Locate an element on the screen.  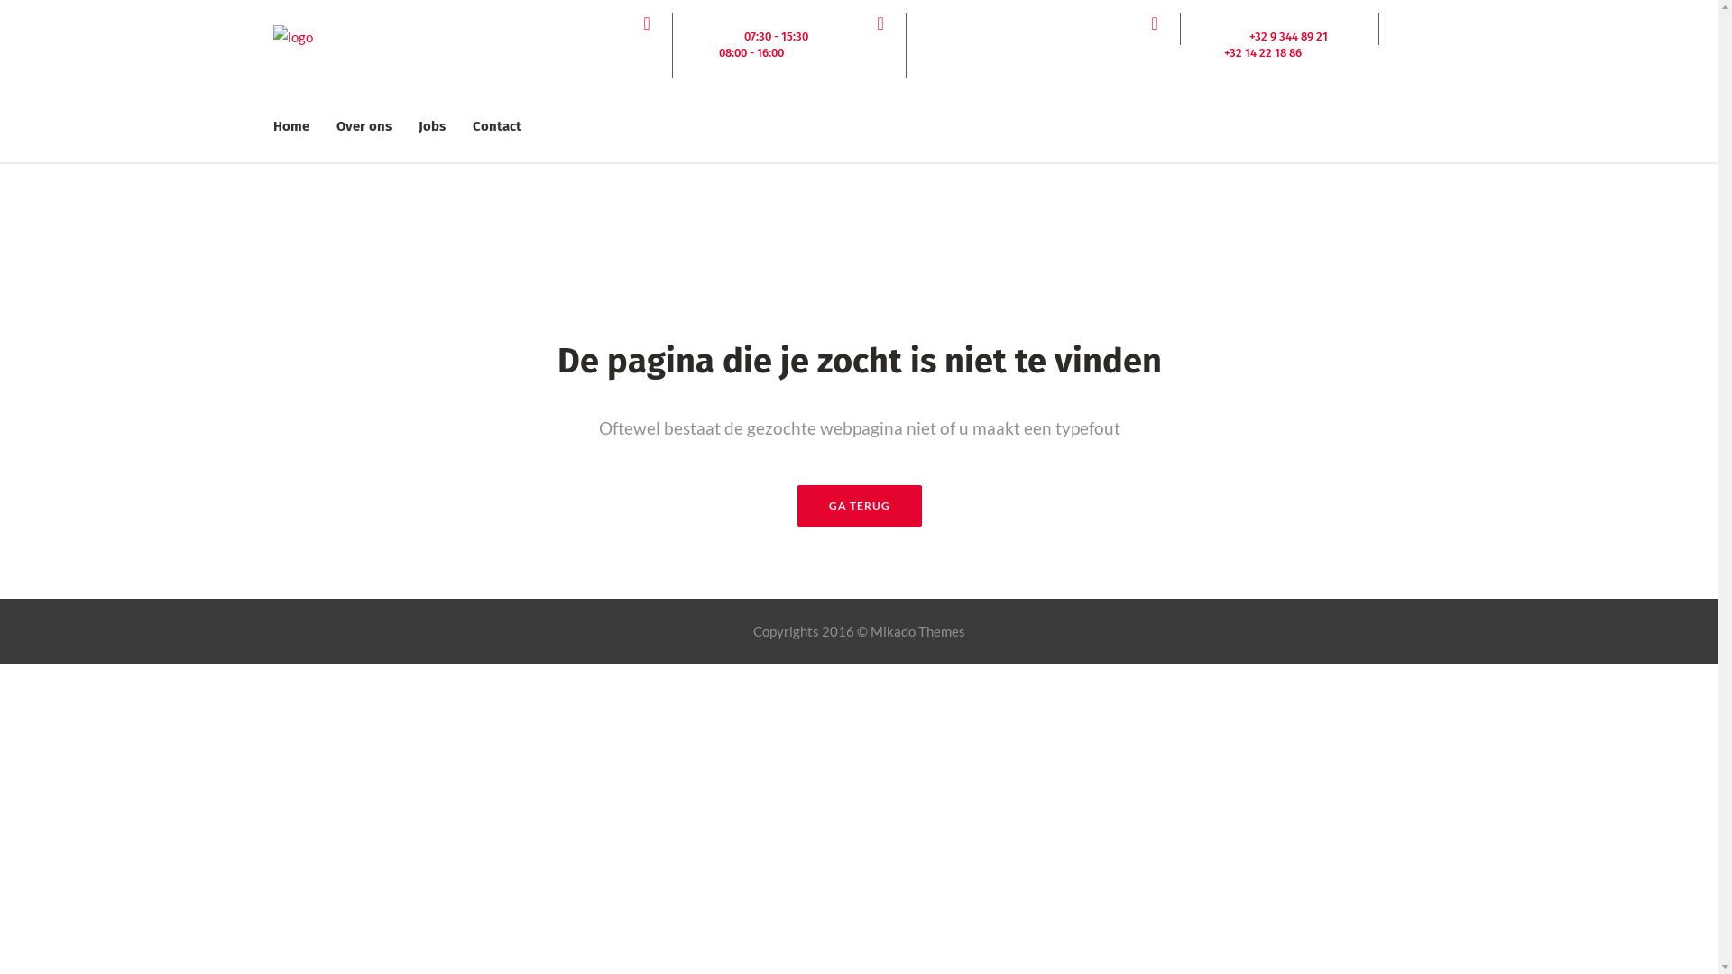
'Jobs' is located at coordinates (430, 124).